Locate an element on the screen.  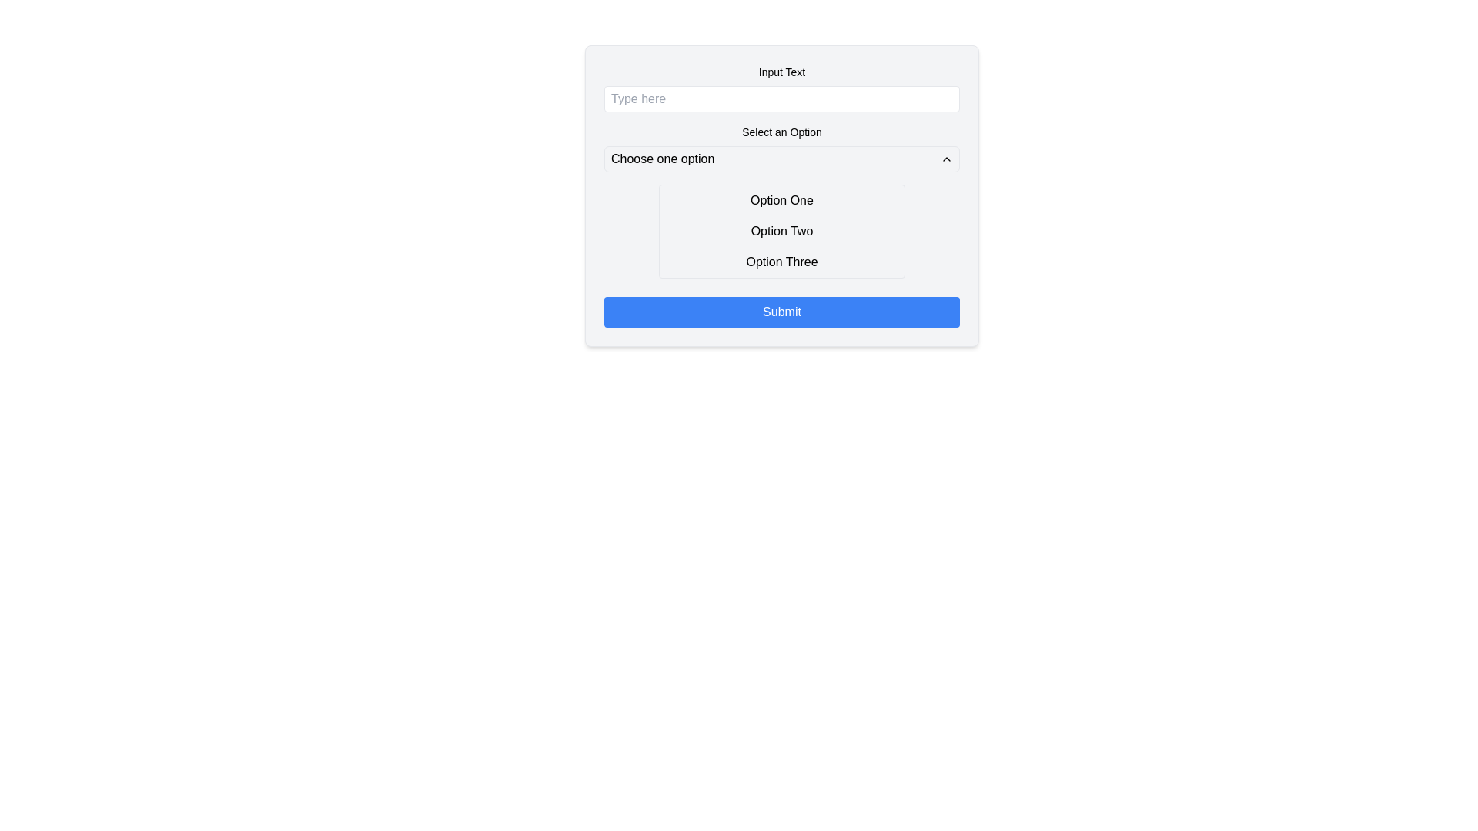
the Chevron-Up icon located to the far right of the bordered box labeled 'Choose one option' to expand the dropdown menu is located at coordinates (945, 159).